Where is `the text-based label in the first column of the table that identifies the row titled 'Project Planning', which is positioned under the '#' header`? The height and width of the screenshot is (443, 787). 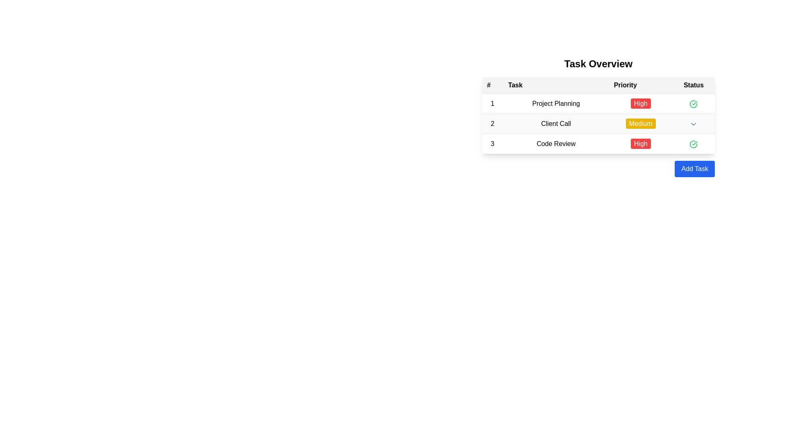 the text-based label in the first column of the table that identifies the row titled 'Project Planning', which is positioned under the '#' header is located at coordinates (492, 103).